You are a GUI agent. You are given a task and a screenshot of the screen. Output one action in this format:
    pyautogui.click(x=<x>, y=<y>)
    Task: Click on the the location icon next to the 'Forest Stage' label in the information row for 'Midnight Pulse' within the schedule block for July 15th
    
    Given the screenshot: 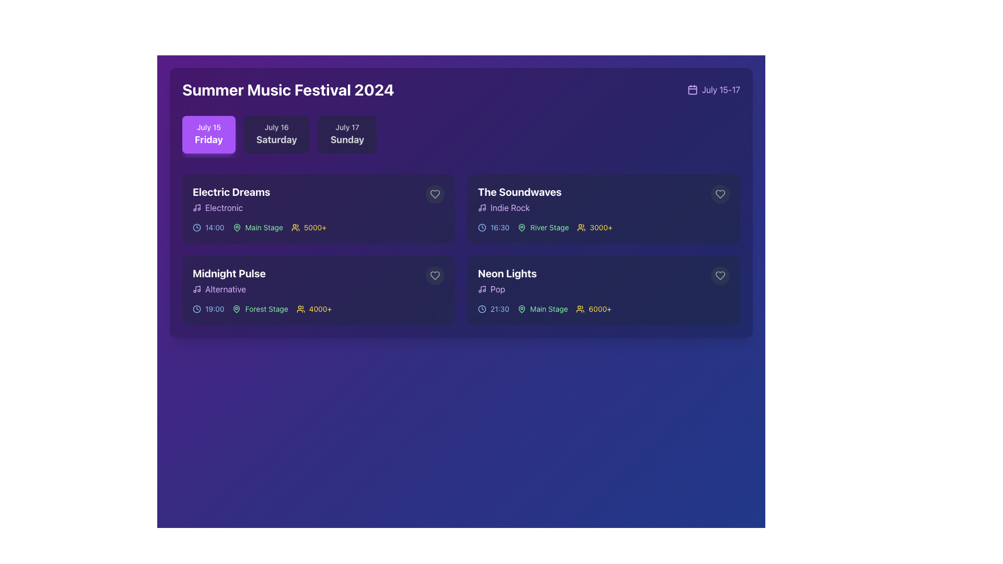 What is the action you would take?
    pyautogui.click(x=260, y=308)
    